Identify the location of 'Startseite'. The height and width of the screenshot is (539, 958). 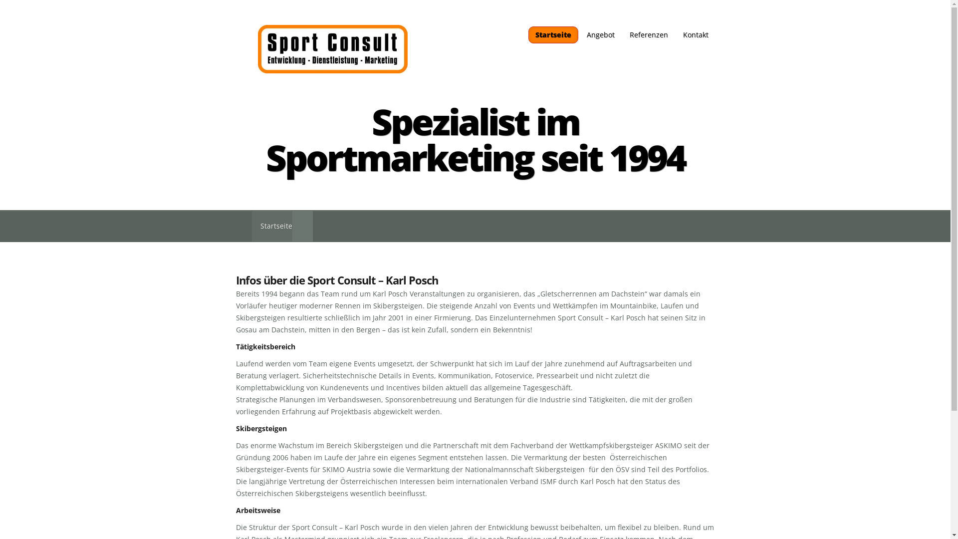
(552, 34).